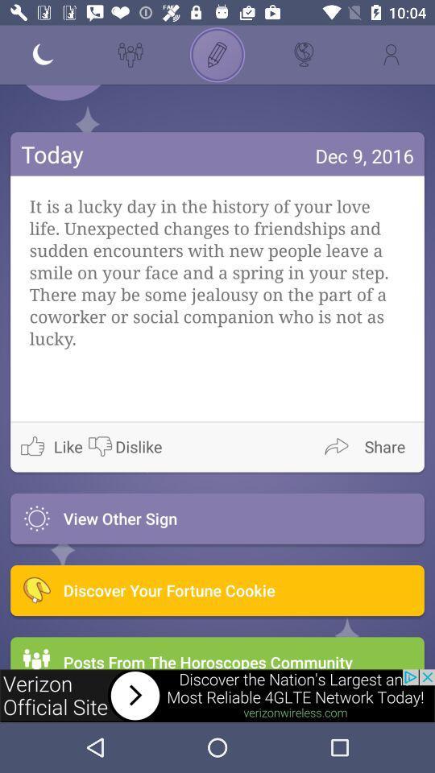 This screenshot has height=773, width=435. I want to click on message box, so click(411, 92).